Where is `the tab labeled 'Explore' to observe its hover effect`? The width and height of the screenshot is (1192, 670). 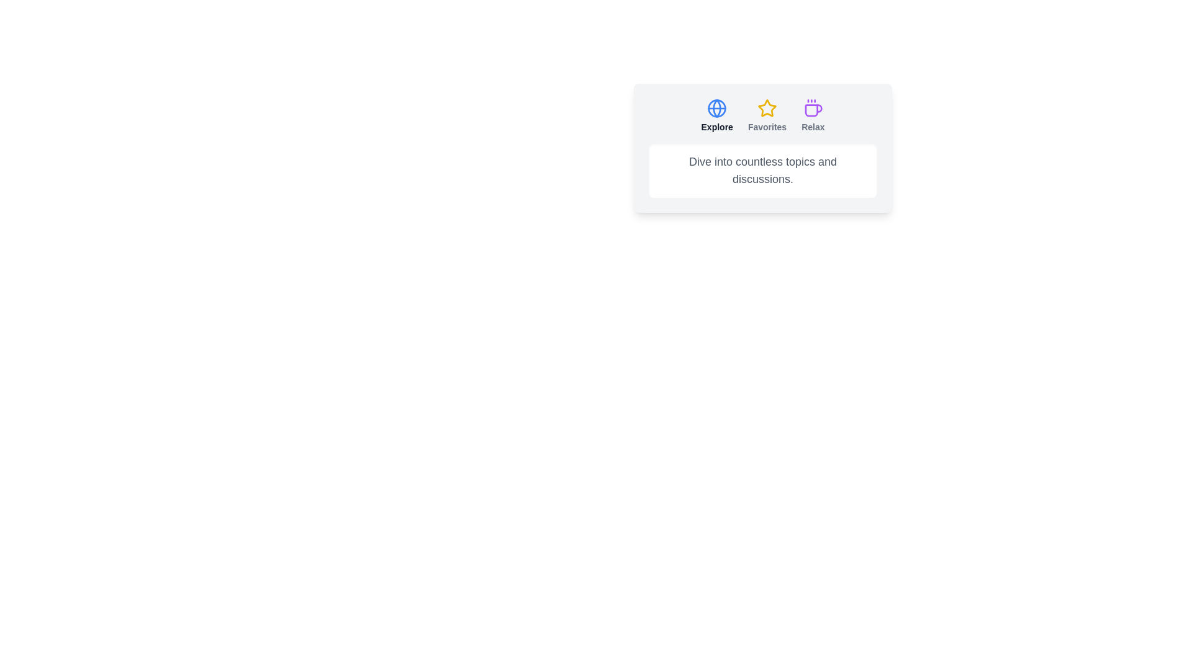
the tab labeled 'Explore' to observe its hover effect is located at coordinates (717, 115).